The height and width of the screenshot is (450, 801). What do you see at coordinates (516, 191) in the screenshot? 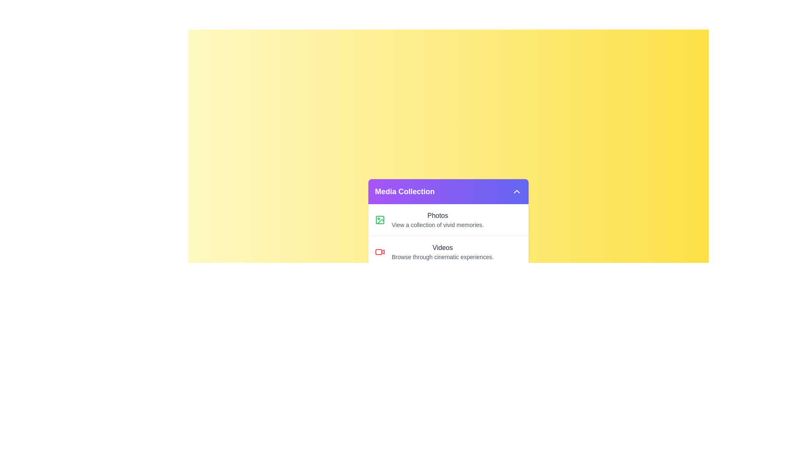
I see `header button to toggle the menu visibility` at bounding box center [516, 191].